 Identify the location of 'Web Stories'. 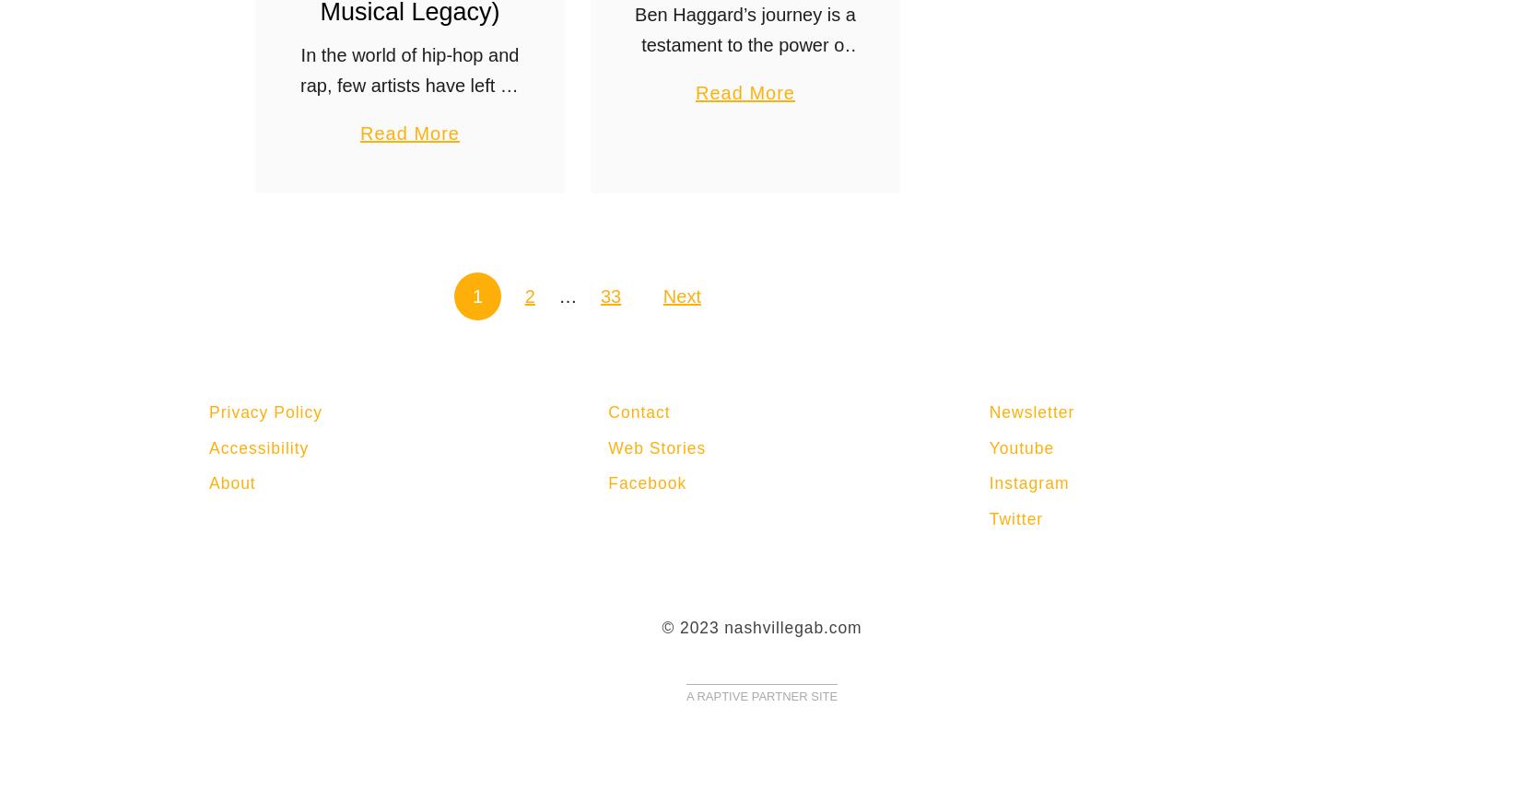
(657, 447).